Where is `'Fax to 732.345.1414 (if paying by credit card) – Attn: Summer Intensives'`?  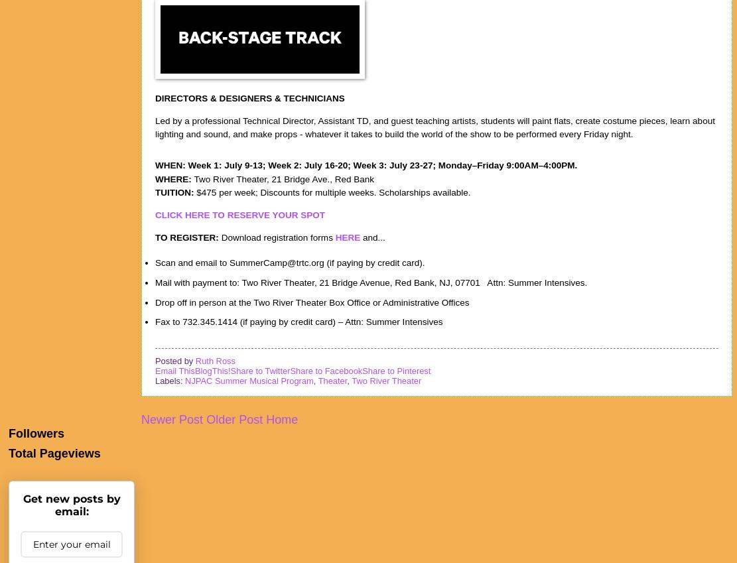 'Fax to 732.345.1414 (if paying by credit card) – Attn: Summer Intensives' is located at coordinates (298, 321).